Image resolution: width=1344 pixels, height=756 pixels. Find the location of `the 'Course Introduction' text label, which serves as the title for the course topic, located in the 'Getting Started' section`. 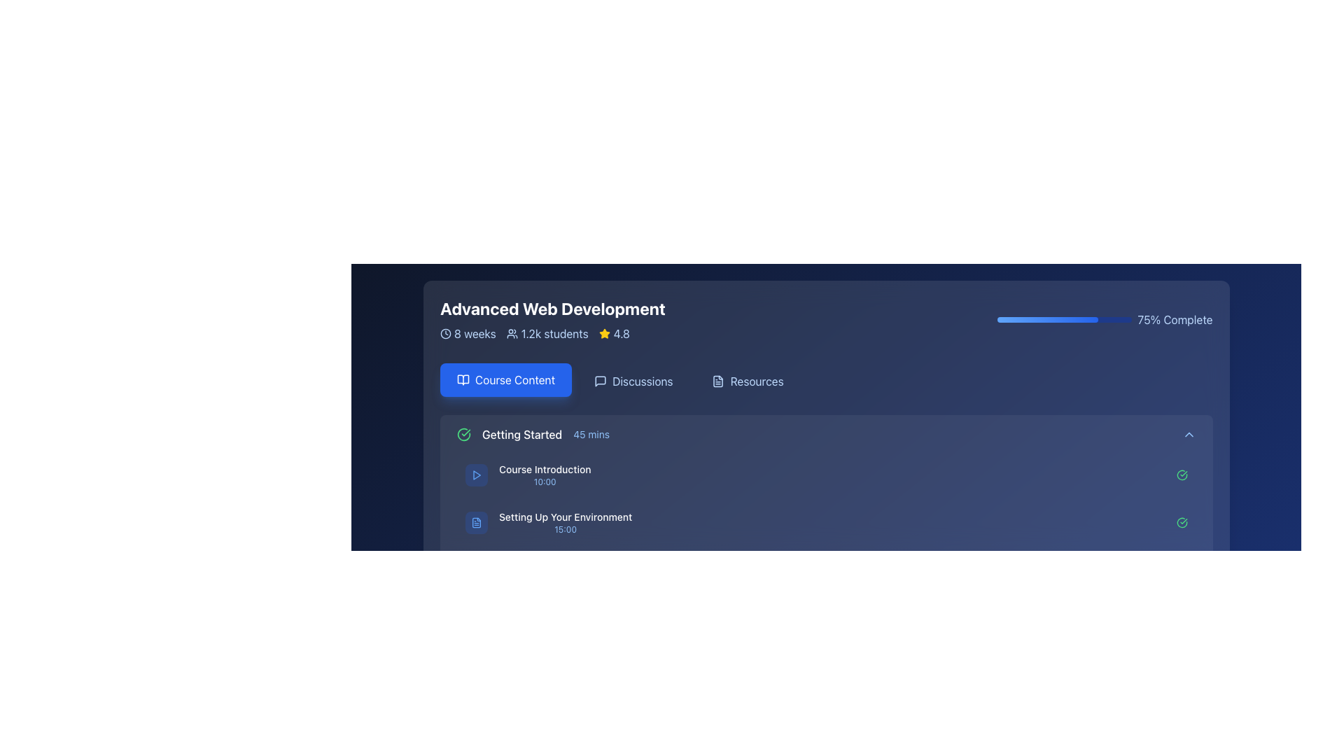

the 'Course Introduction' text label, which serves as the title for the course topic, located in the 'Getting Started' section is located at coordinates (544, 470).